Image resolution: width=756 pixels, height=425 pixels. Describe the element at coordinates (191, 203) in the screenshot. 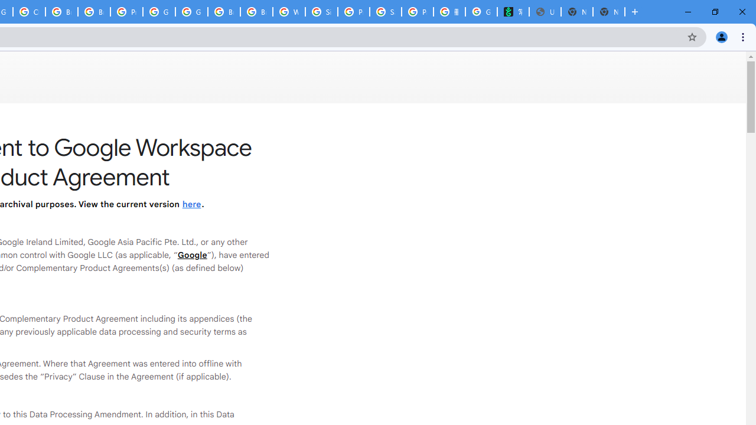

I see `'here'` at that location.